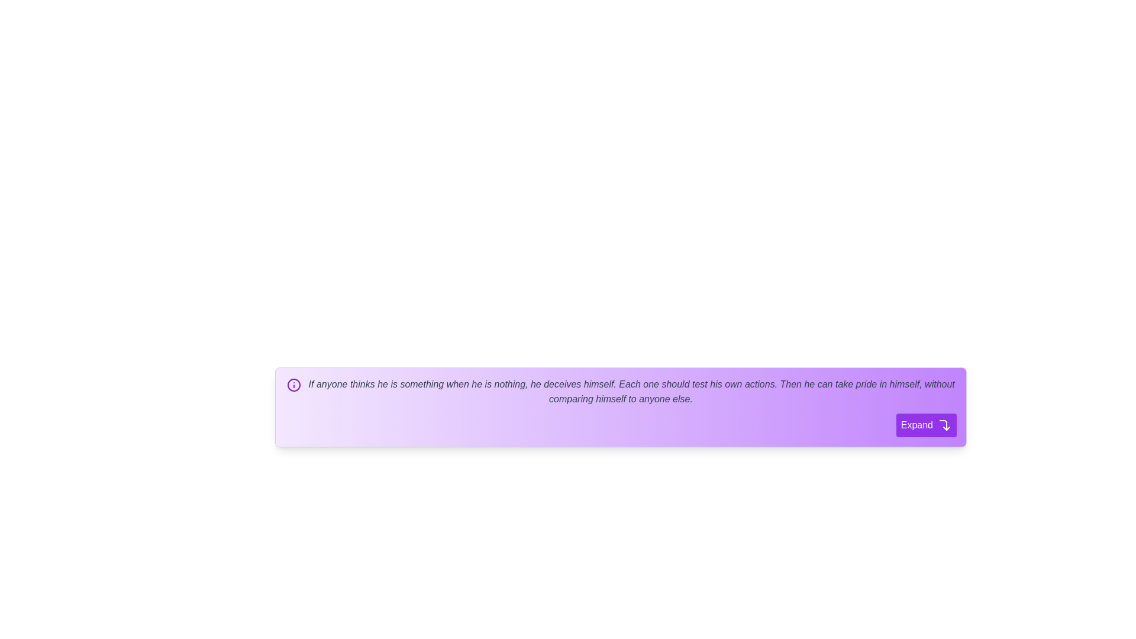  What do you see at coordinates (925, 424) in the screenshot?
I see `the interactive button located at the bottom-right corner of the interface` at bounding box center [925, 424].